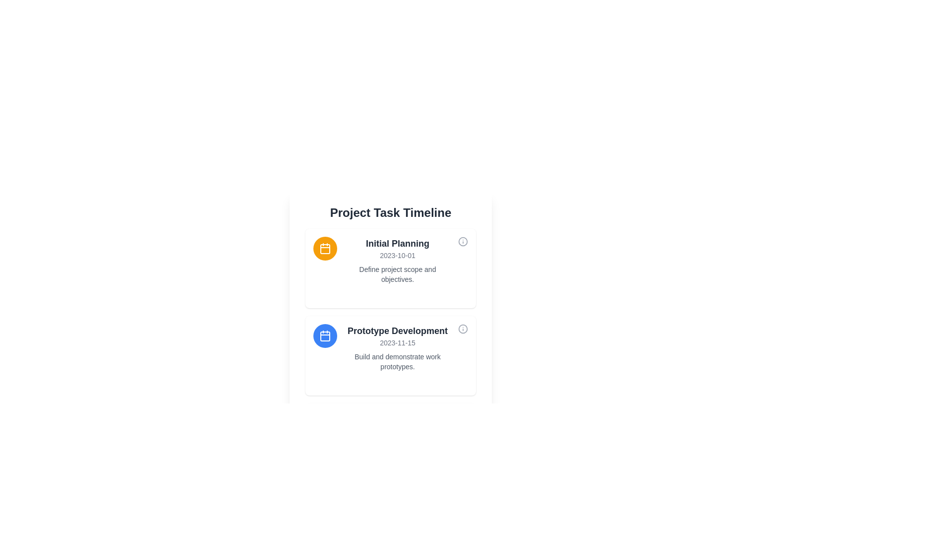 This screenshot has height=536, width=952. I want to click on the 'Initial Planning' task icon located at the top-left corner of its task card, which serves as a visual identifier for scheduling, so click(325, 248).